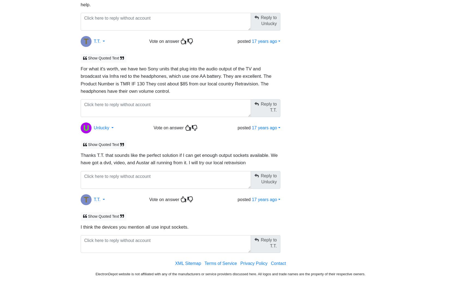 This screenshot has width=461, height=281. What do you see at coordinates (179, 159) in the screenshot?
I see `'Thanks T.T. that sounds like the perfect solution if I can get enough  output sockets available.  We have got a dvd, video, and Austar all  running from it. I will try our local retravision'` at bounding box center [179, 159].